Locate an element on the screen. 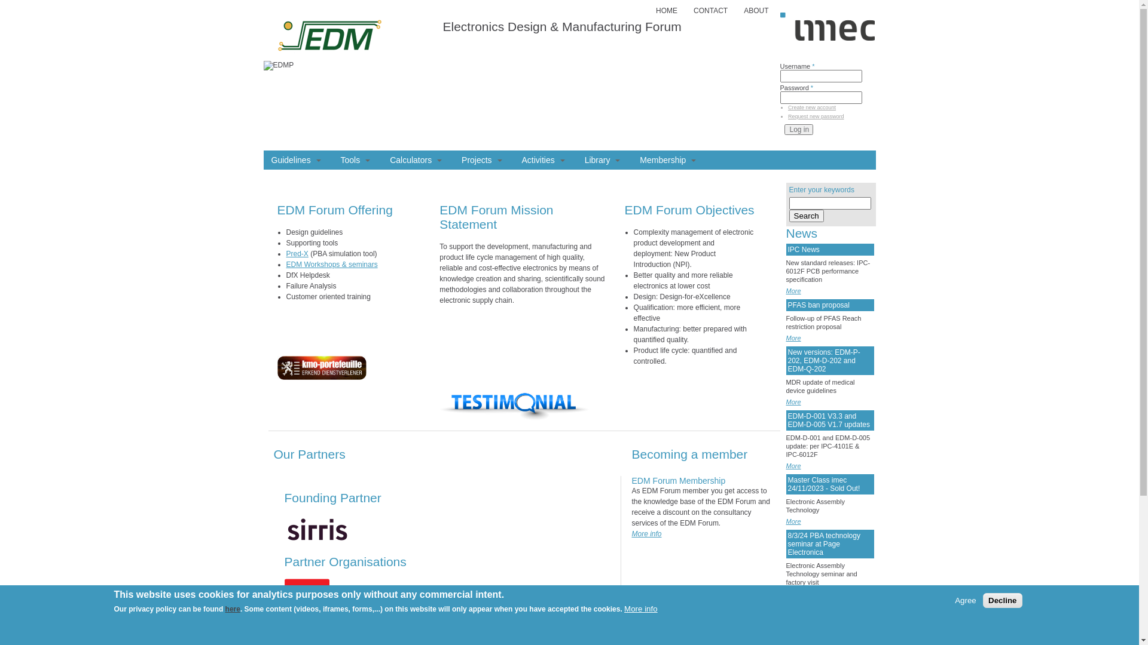 The height and width of the screenshot is (645, 1148). 'Tools' is located at coordinates (355, 159).